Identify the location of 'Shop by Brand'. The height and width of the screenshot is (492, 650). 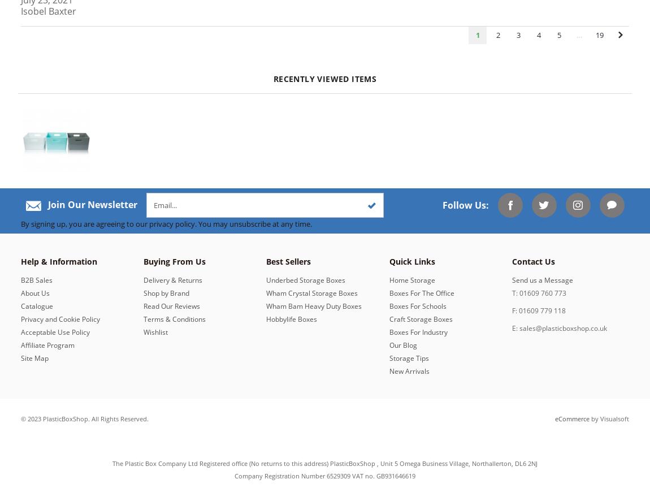
(166, 292).